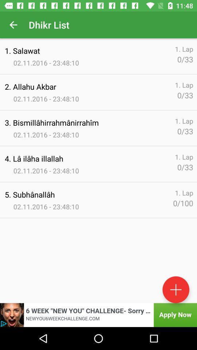 This screenshot has width=197, height=350. I want to click on list, so click(175, 289).